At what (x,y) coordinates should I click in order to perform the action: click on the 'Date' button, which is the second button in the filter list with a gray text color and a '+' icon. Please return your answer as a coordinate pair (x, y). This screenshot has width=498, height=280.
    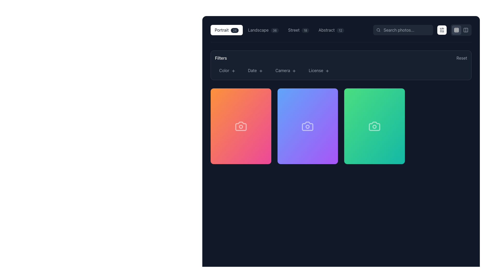
    Looking at the image, I should click on (255, 71).